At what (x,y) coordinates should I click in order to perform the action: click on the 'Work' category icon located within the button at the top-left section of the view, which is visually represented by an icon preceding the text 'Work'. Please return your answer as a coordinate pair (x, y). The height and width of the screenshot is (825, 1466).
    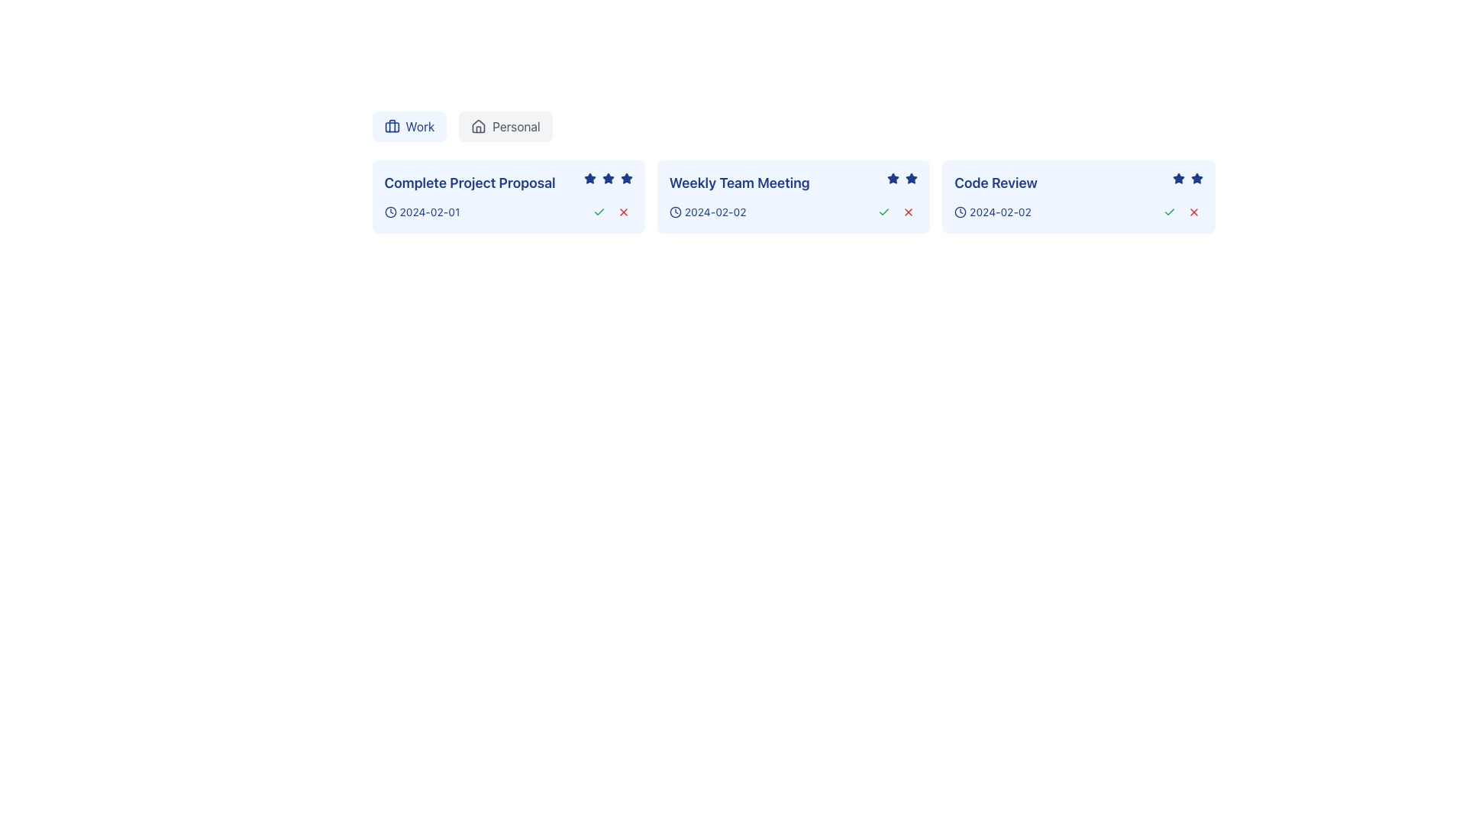
    Looking at the image, I should click on (392, 125).